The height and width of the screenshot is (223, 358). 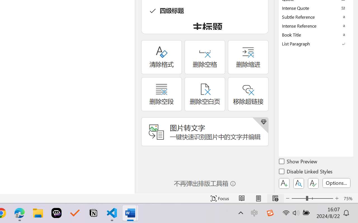 What do you see at coordinates (316, 34) in the screenshot?
I see `'Book Title'` at bounding box center [316, 34].